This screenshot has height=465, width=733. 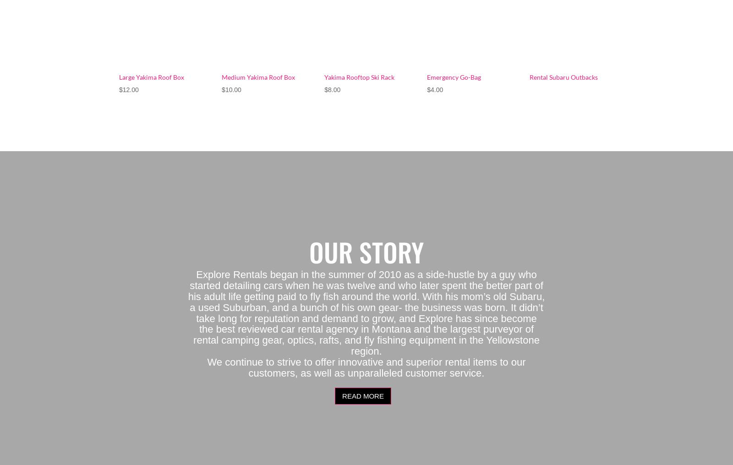 I want to click on '8.00', so click(x=334, y=88).